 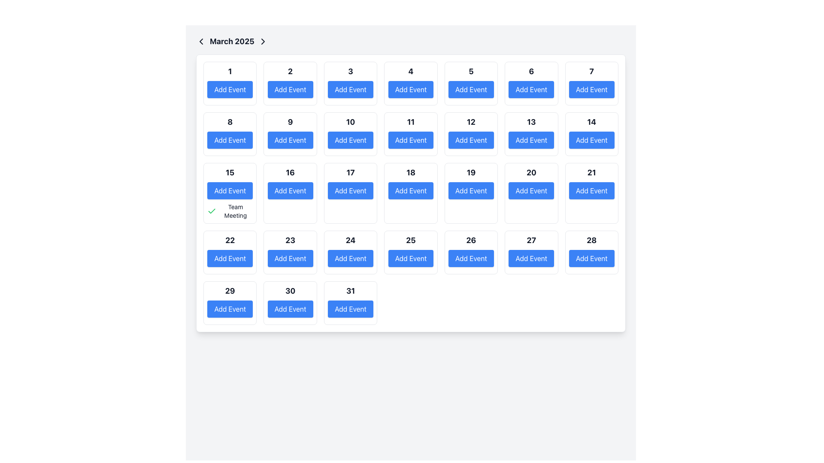 What do you see at coordinates (591, 134) in the screenshot?
I see `the 'Add Event' button located below the date '14' in the Calendar Date Cell` at bounding box center [591, 134].